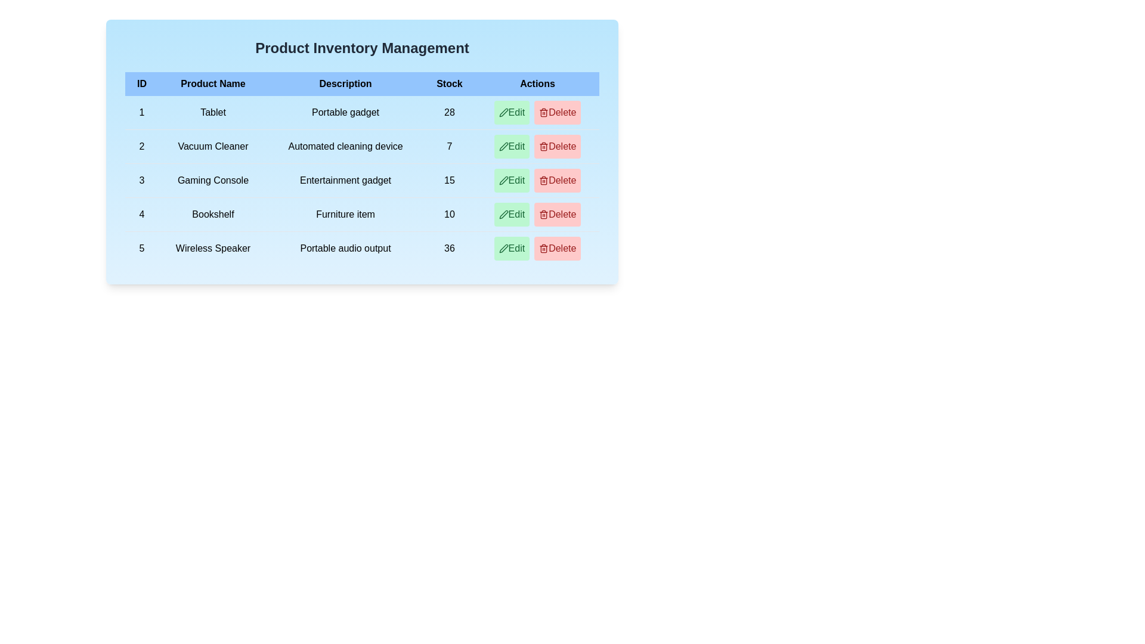 The width and height of the screenshot is (1145, 644). Describe the element at coordinates (543, 147) in the screenshot. I see `the vertical rectangle within the trash can icon in the 'Delete' button of the fifth row in the 'Actions' column` at that location.